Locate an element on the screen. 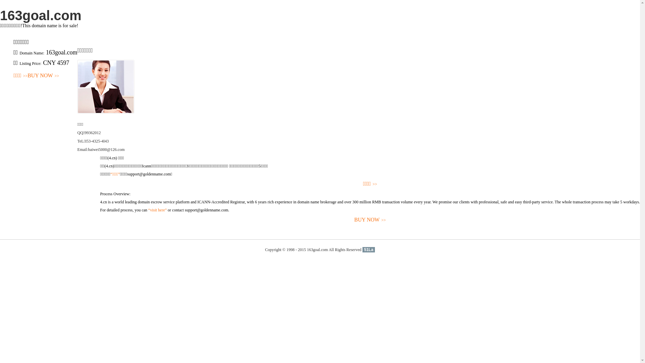 This screenshot has width=645, height=363. '51La' is located at coordinates (362, 250).